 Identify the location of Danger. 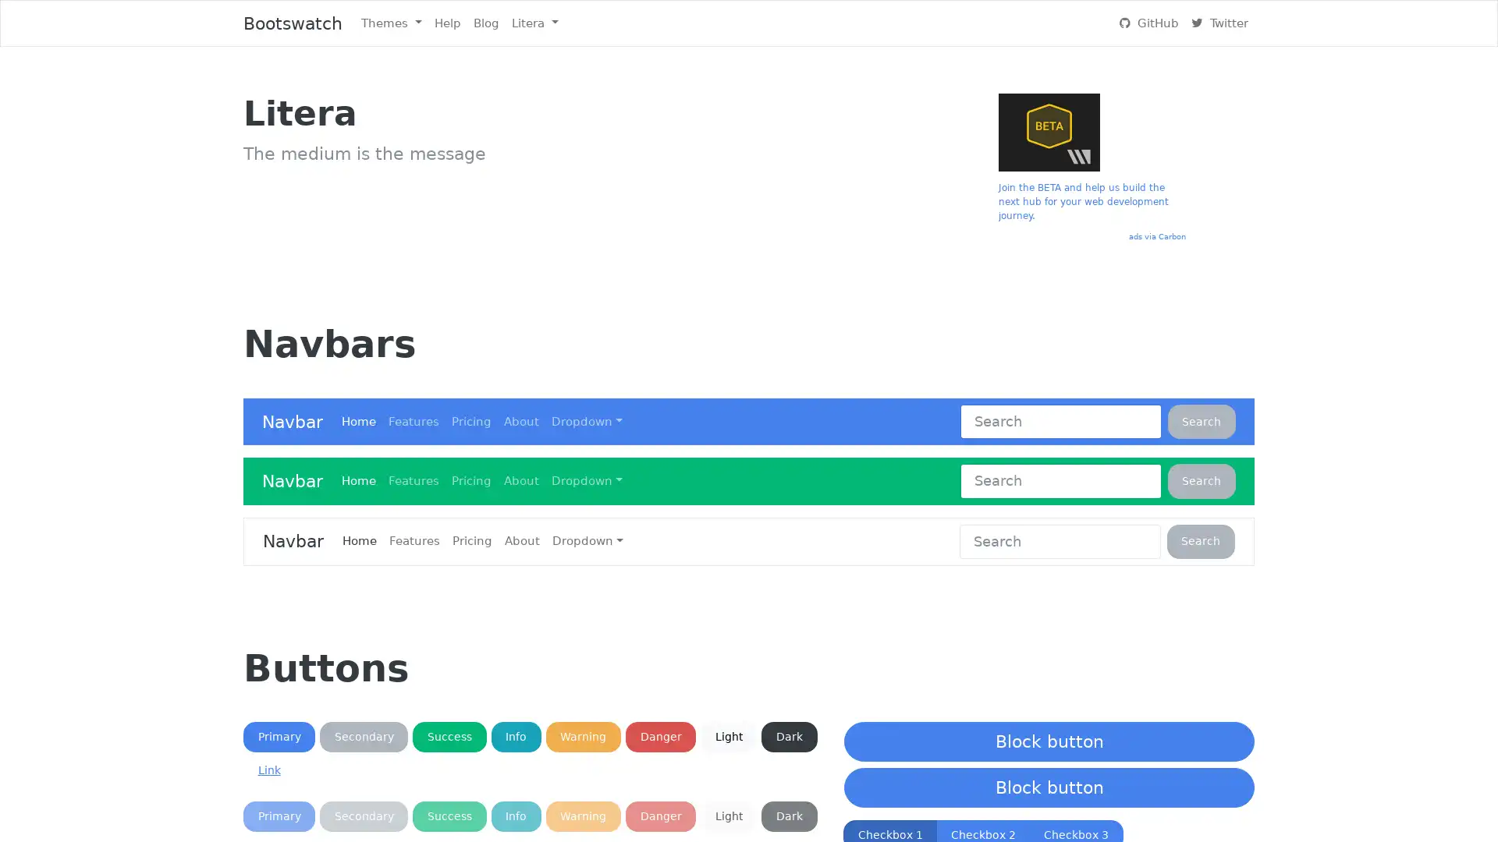
(660, 815).